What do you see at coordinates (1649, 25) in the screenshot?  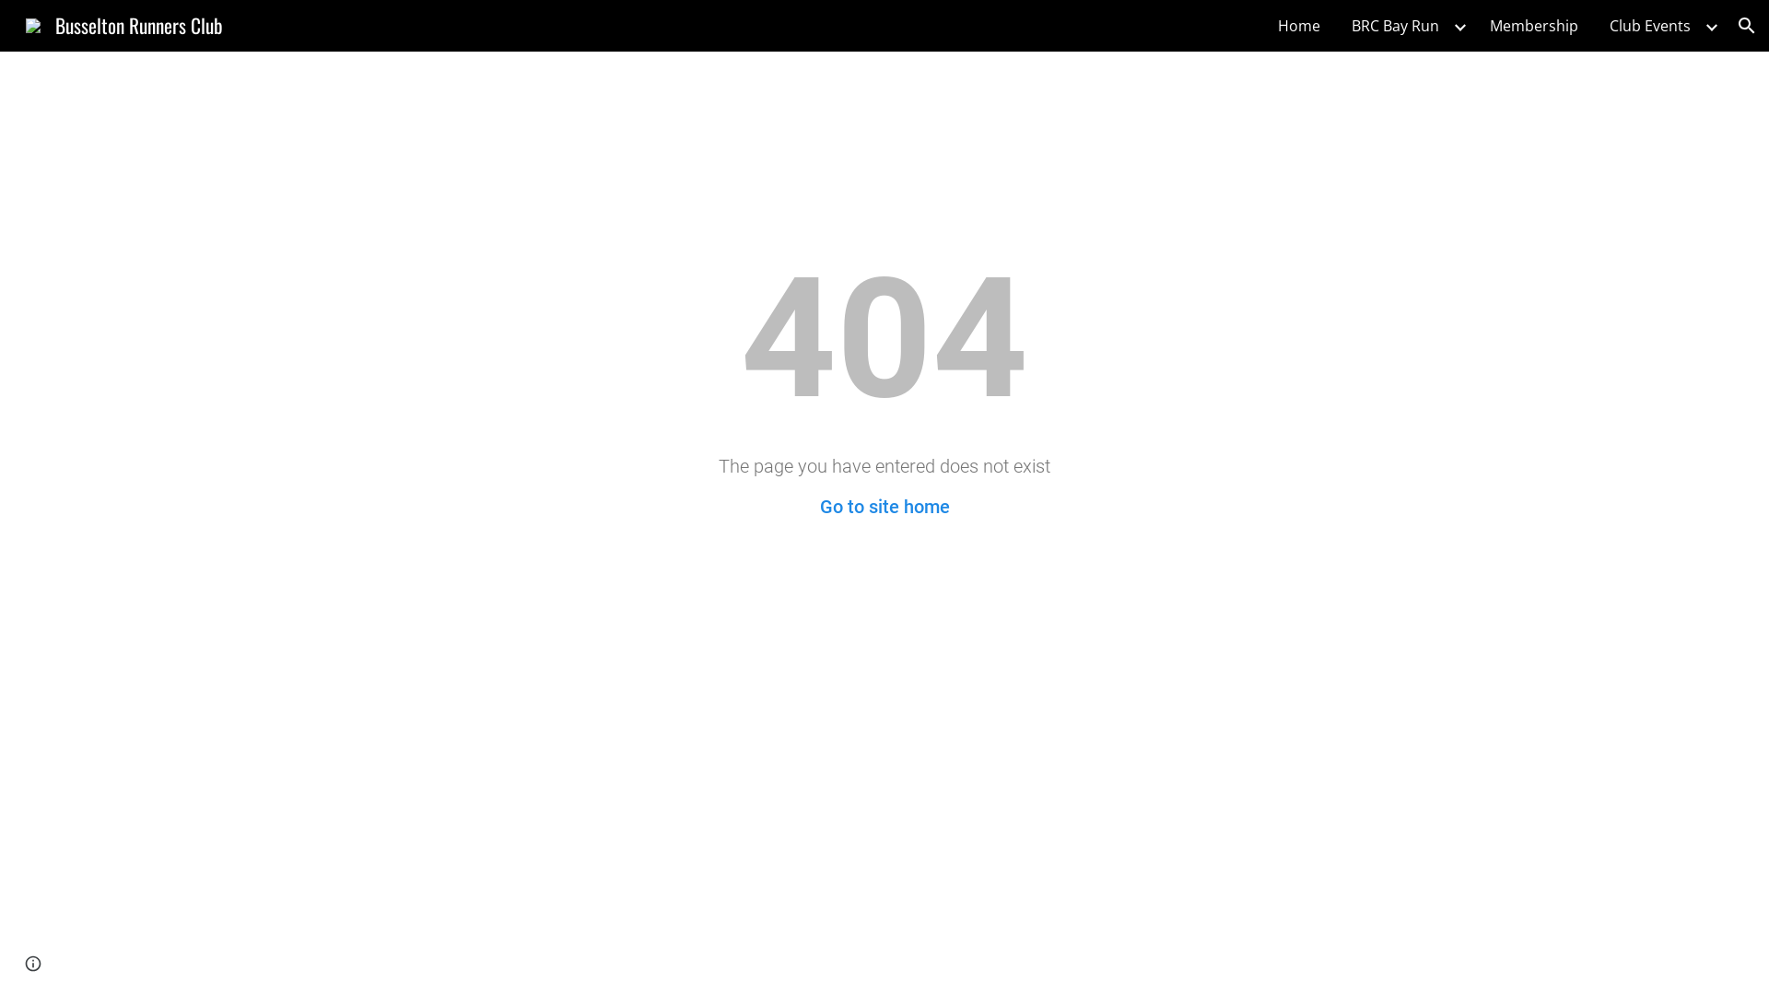 I see `'Club Events'` at bounding box center [1649, 25].